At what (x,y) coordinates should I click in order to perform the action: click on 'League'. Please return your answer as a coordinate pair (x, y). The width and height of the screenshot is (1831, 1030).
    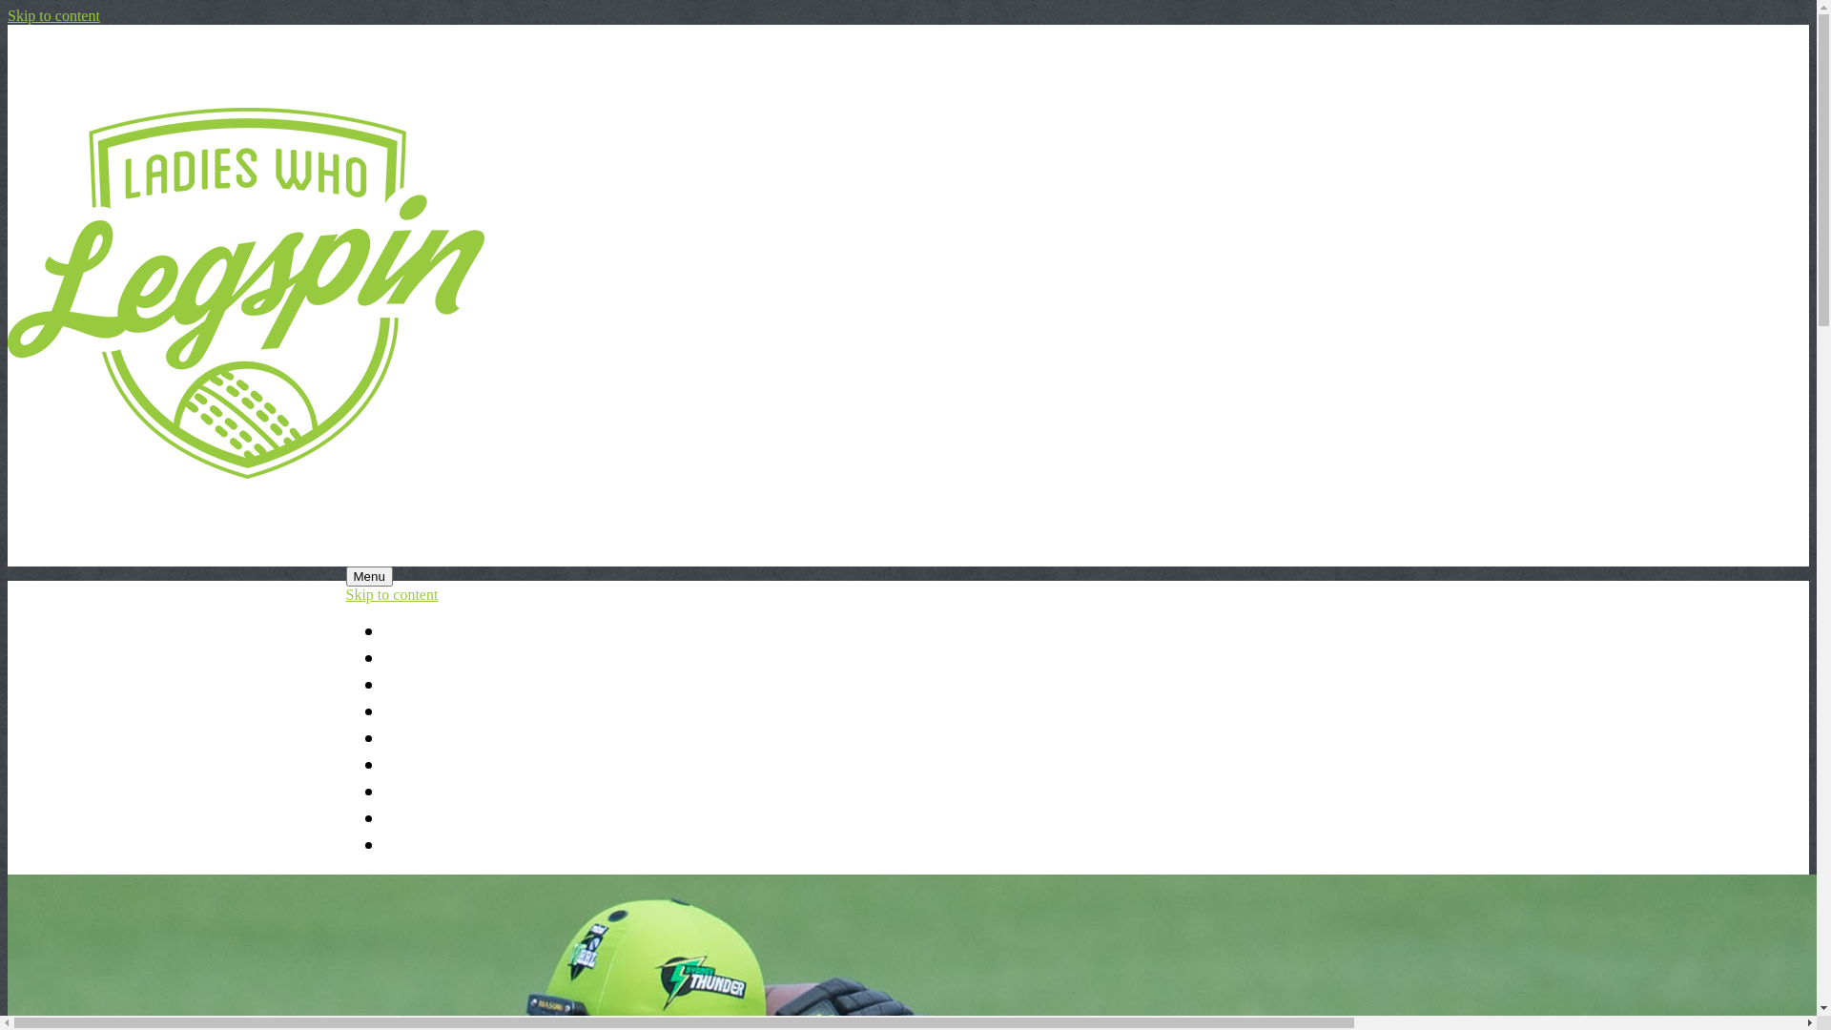
    Looking at the image, I should click on (412, 684).